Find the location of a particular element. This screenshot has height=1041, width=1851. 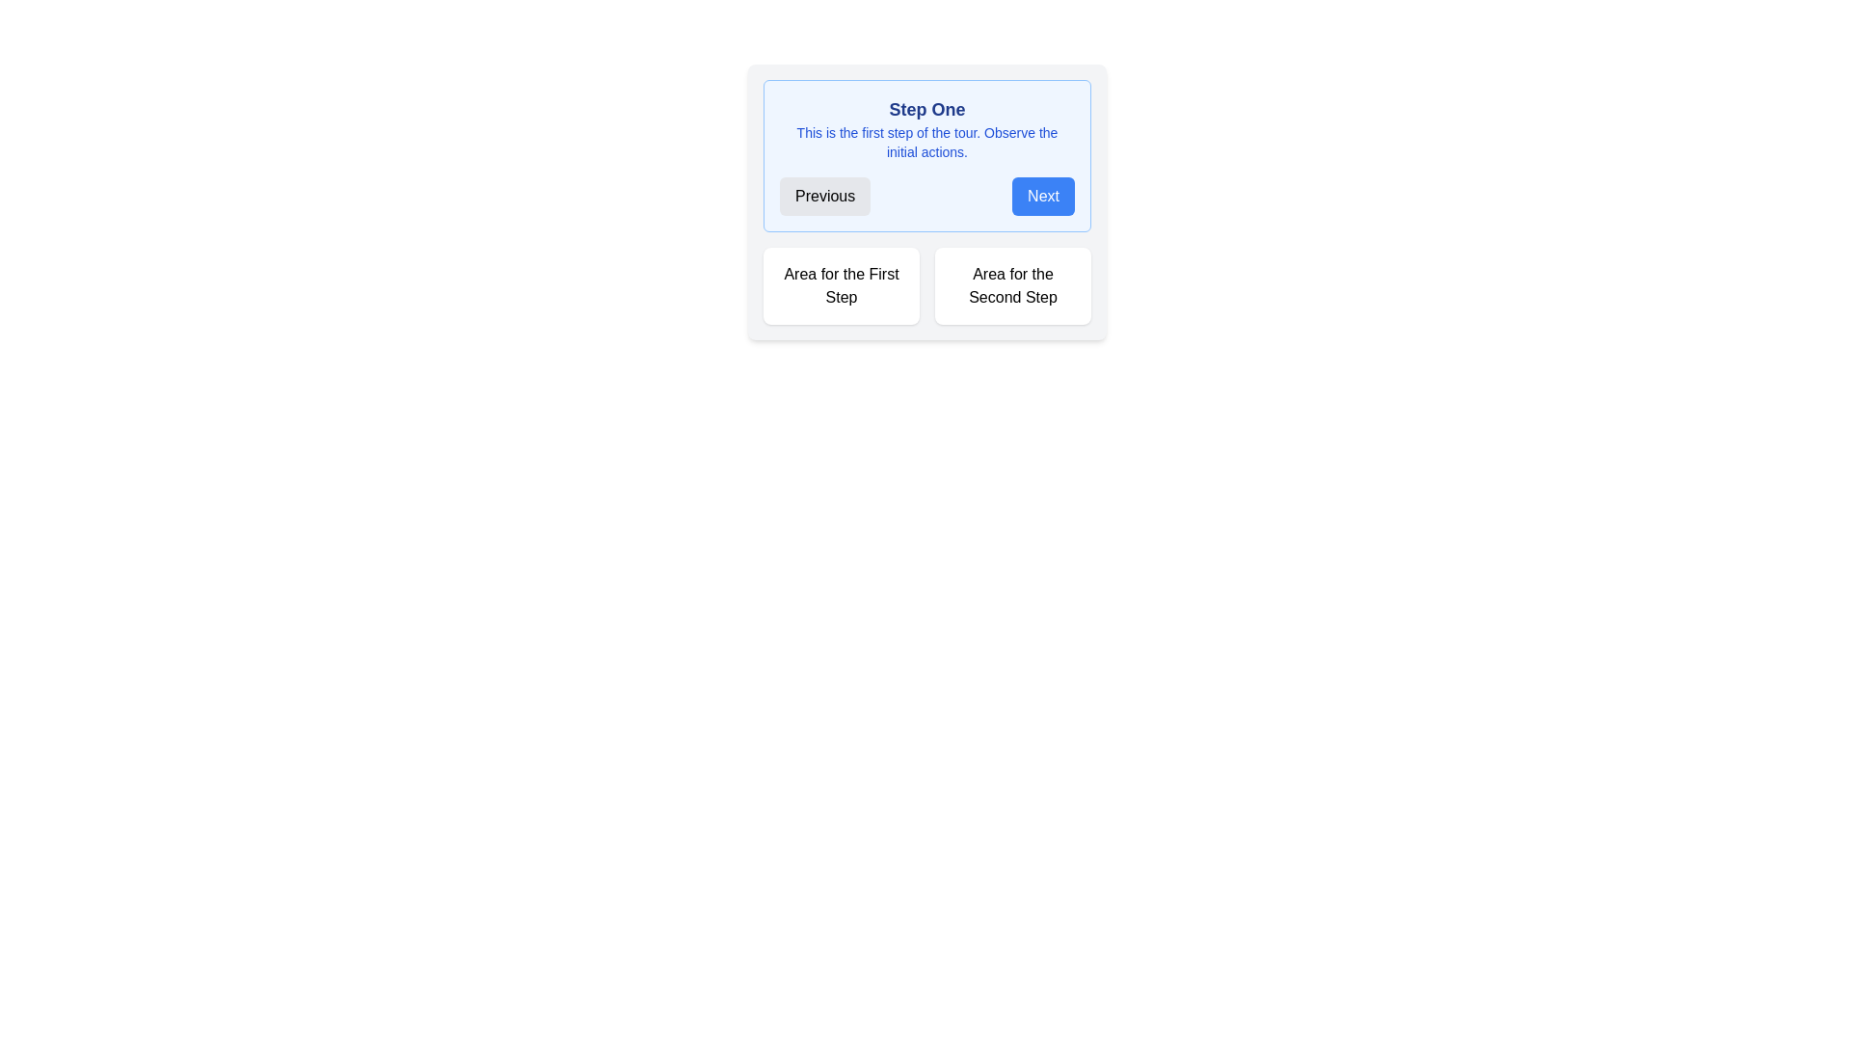

the informational card indicating the 'First Step' in the multi-step process, located in the top-left corner of the grid layout is located at coordinates (842, 286).